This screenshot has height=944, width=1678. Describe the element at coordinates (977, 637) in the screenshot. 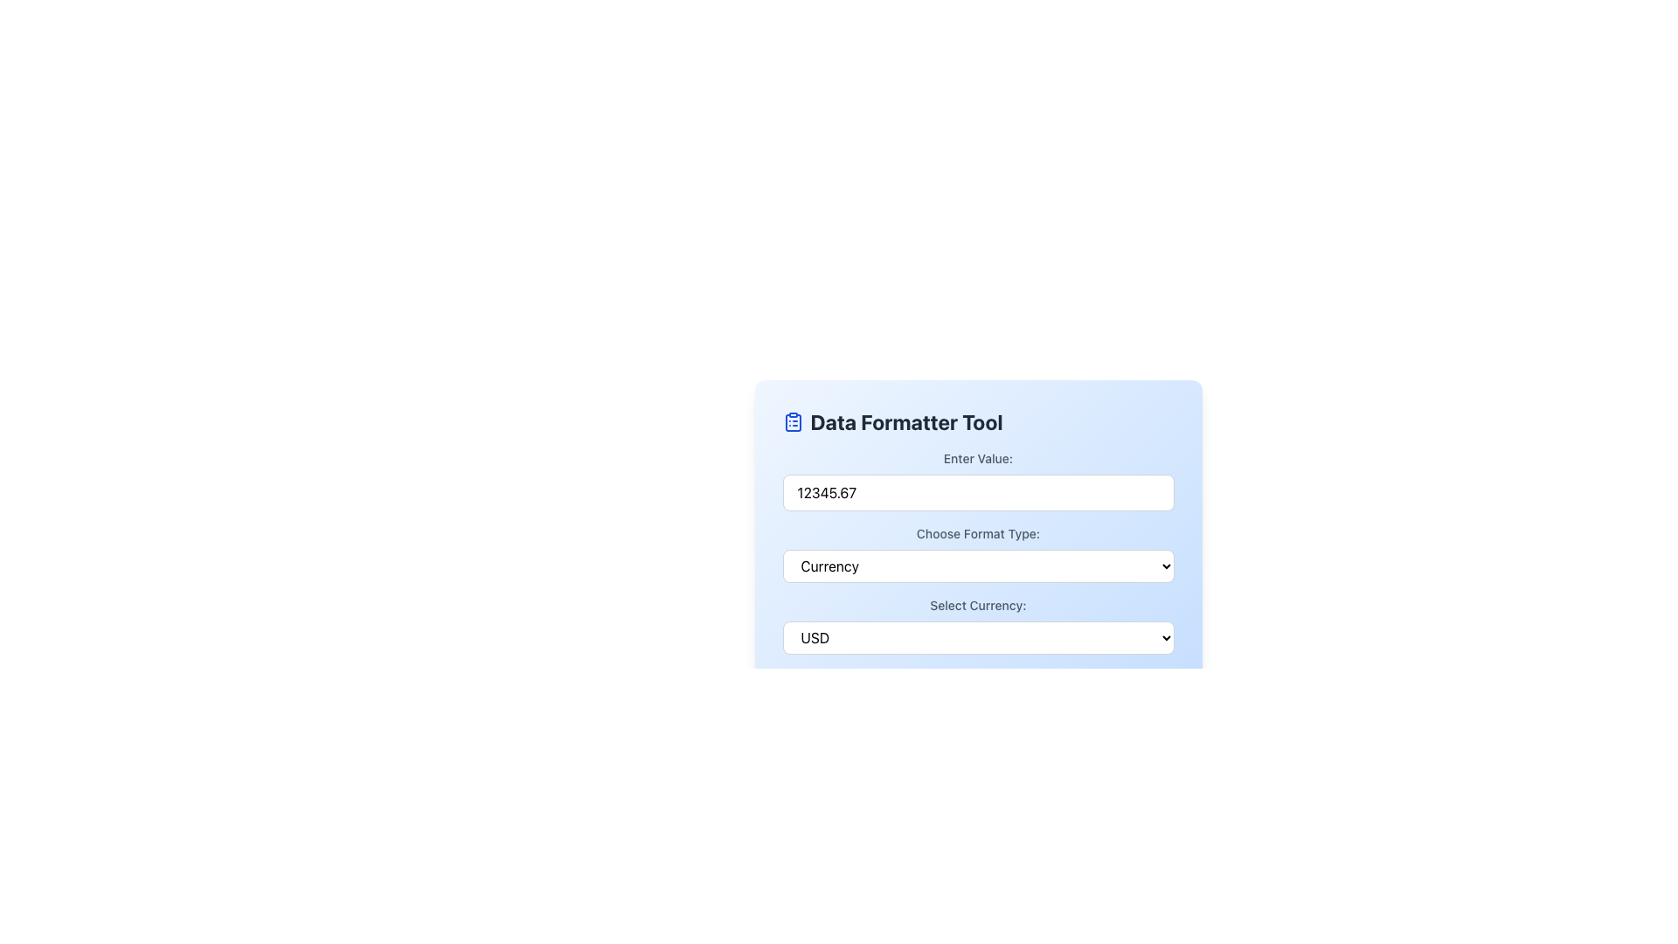

I see `the Dropdown menu labeled 'Select Currency:' and expand it using the keyboard` at that location.